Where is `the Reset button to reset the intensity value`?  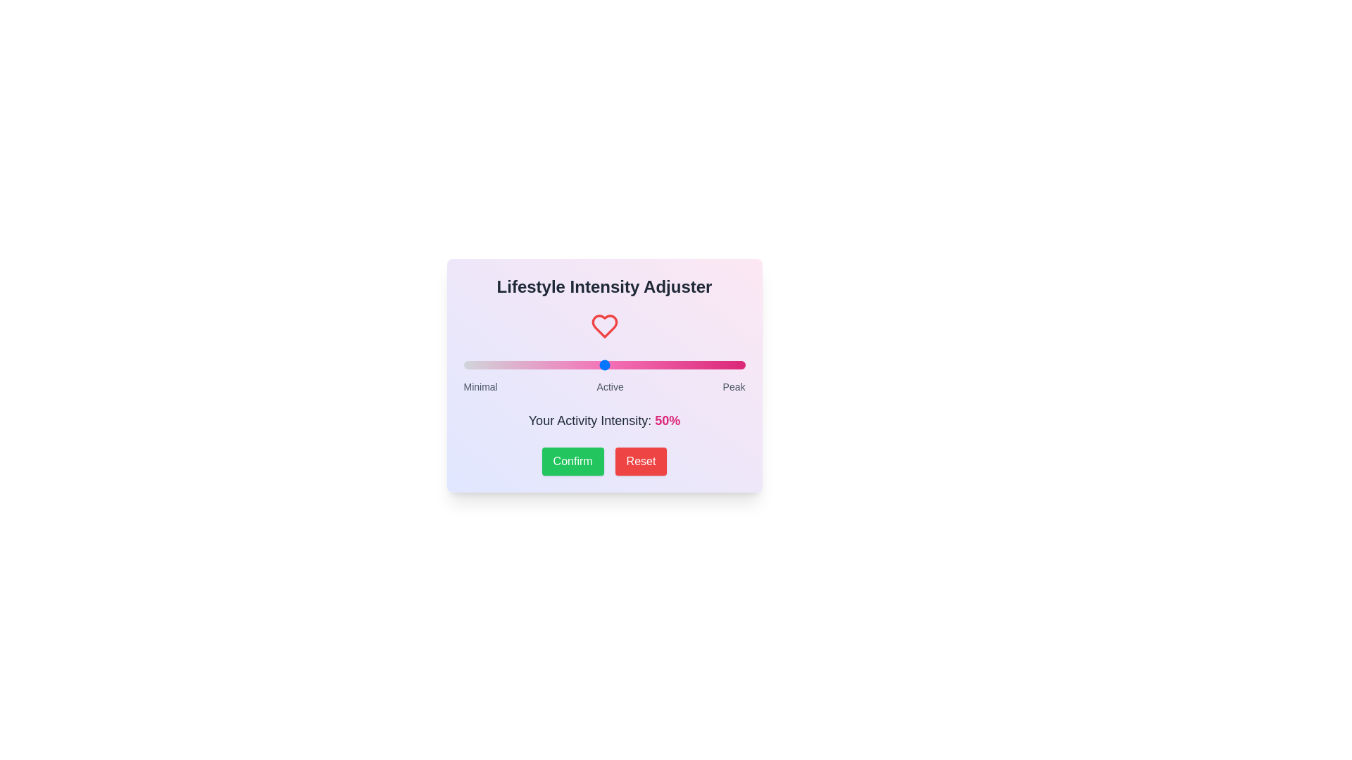 the Reset button to reset the intensity value is located at coordinates (640, 461).